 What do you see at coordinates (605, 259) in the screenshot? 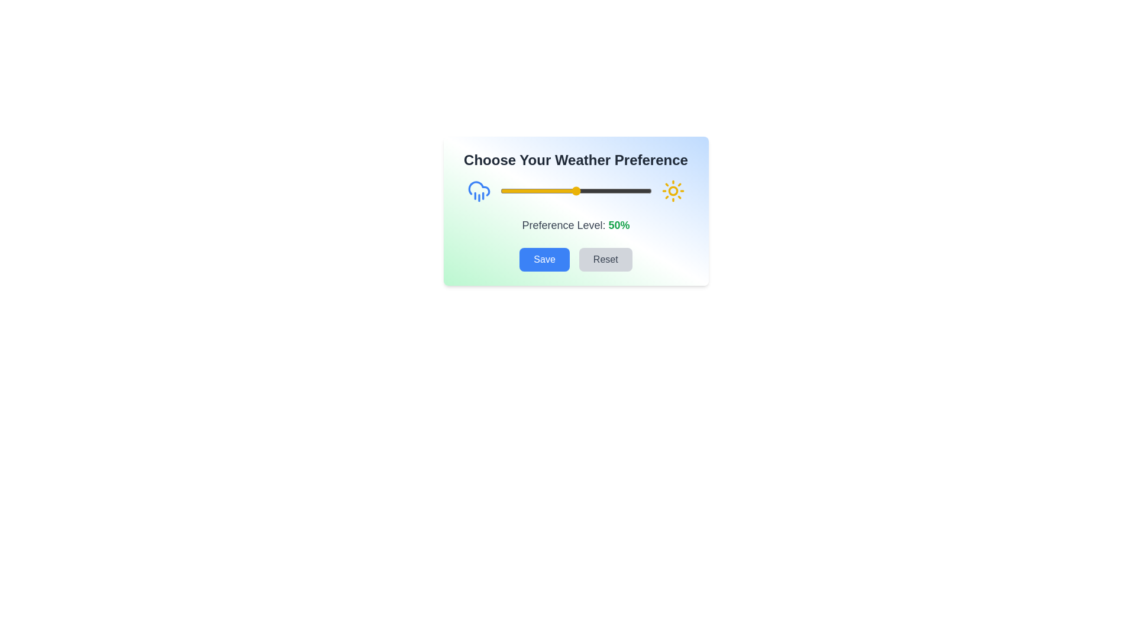
I see `'Reset' button to set the weather preference slider to its default value` at bounding box center [605, 259].